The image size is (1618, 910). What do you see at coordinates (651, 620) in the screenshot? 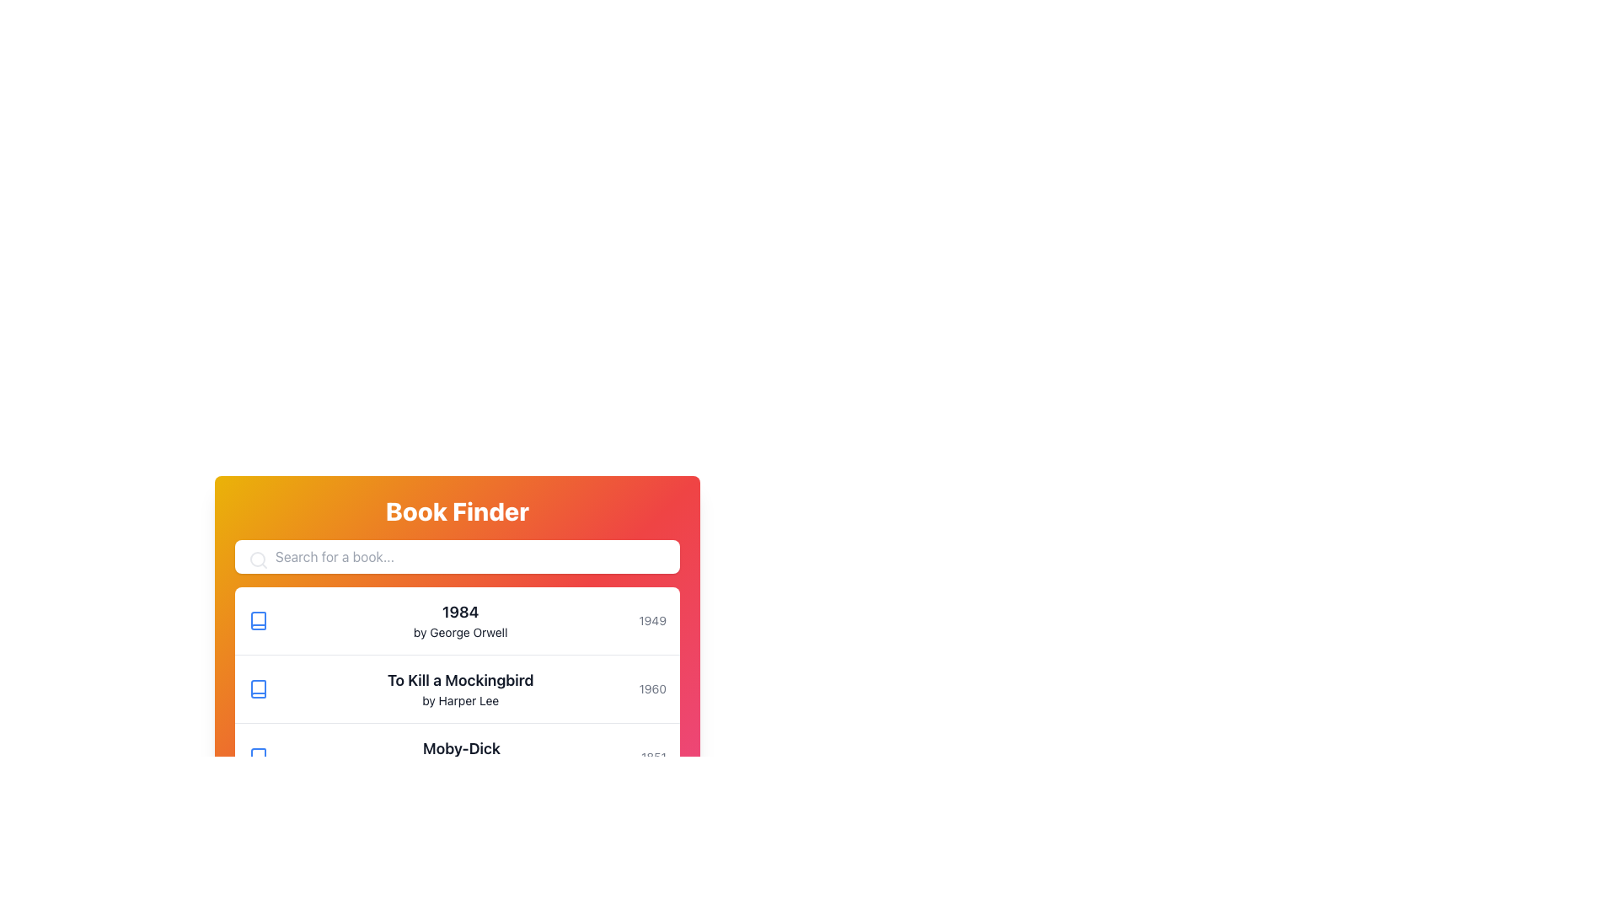
I see `the static text display indicating the publication year of the book '1984' by George Orwell, located at the far right of the item row` at bounding box center [651, 620].